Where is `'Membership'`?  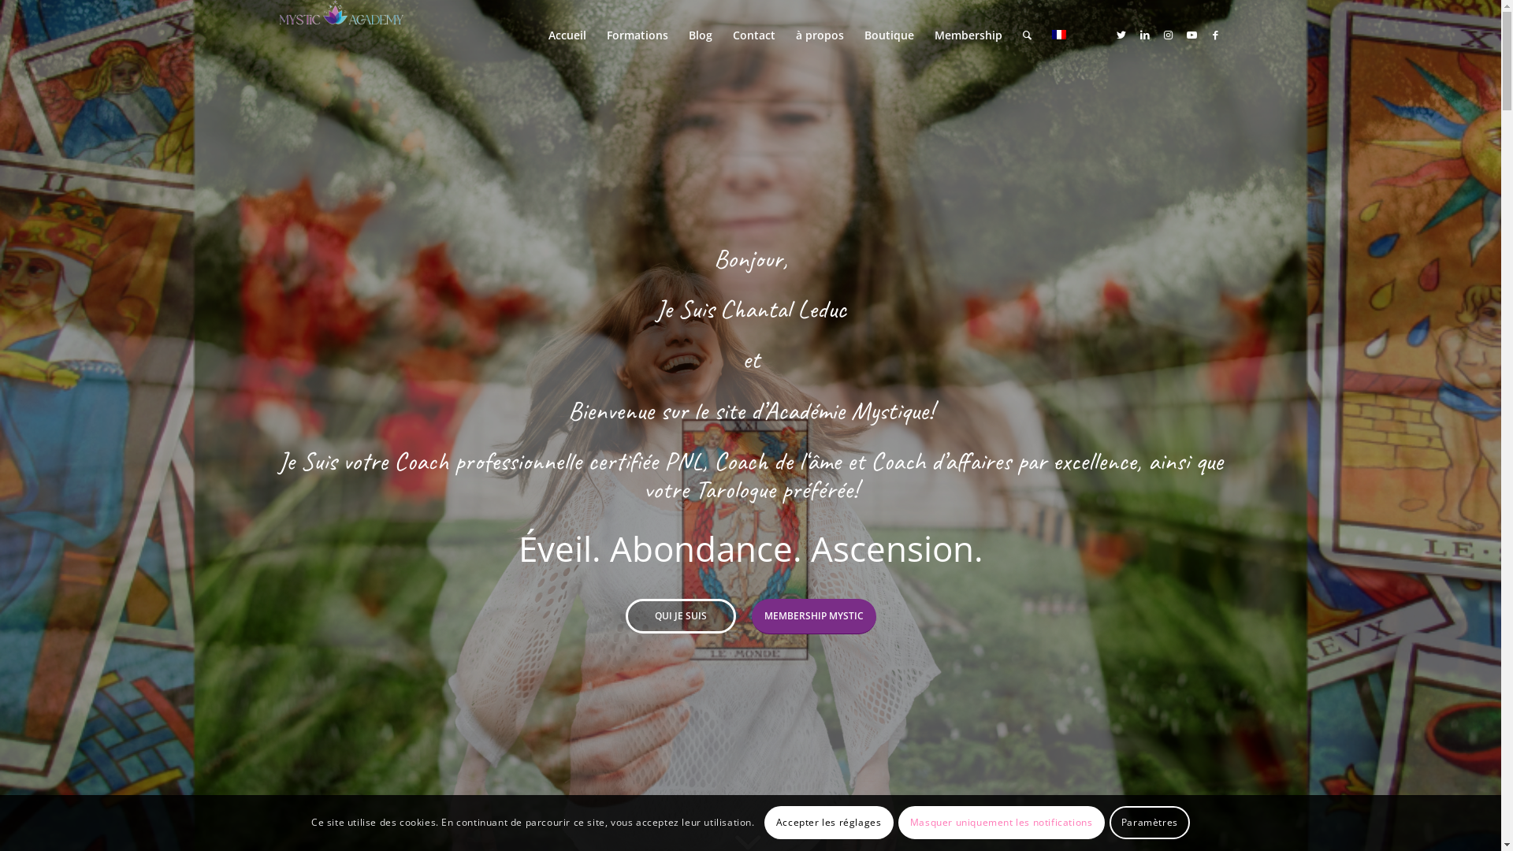
'Membership' is located at coordinates (923, 35).